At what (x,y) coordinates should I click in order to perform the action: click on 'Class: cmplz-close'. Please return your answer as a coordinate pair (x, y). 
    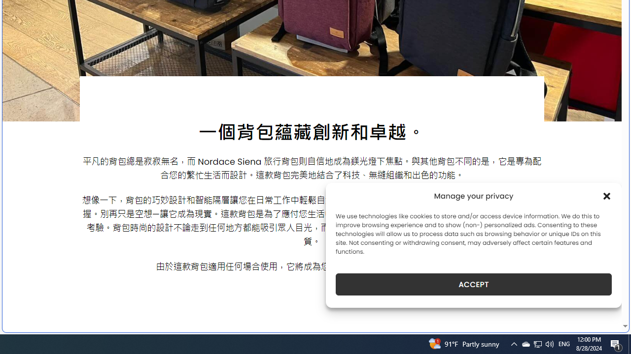
    Looking at the image, I should click on (606, 196).